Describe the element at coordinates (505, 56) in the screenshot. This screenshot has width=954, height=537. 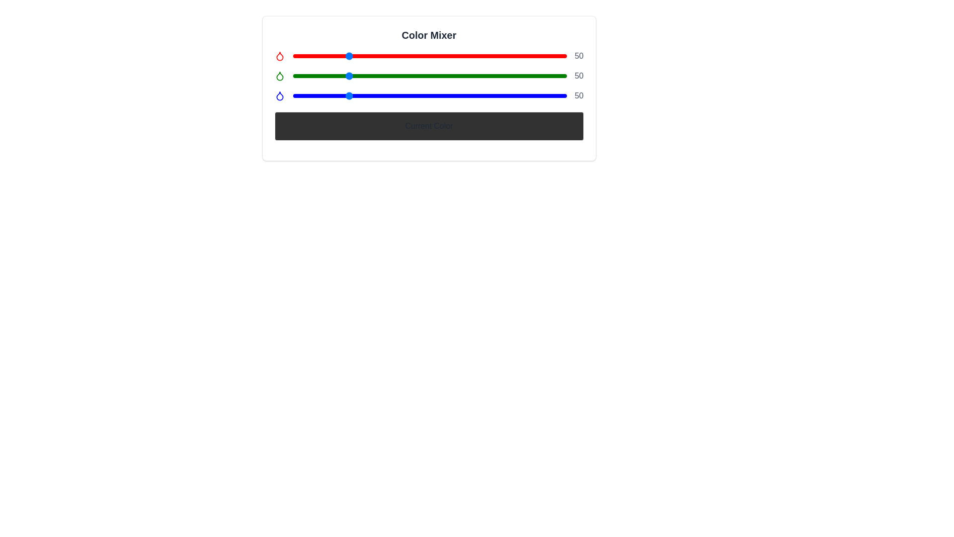
I see `the red color slider to 198` at that location.